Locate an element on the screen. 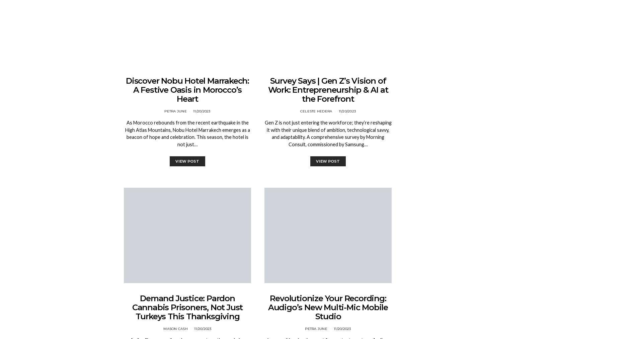  'Gen Z is not just entering the workforce; they’re reshaping it with their unique blend of ambition, technological savvy, and adaptability. A comprehensive survey by Morning Consult, commissioned by Samsung…' is located at coordinates (328, 134).